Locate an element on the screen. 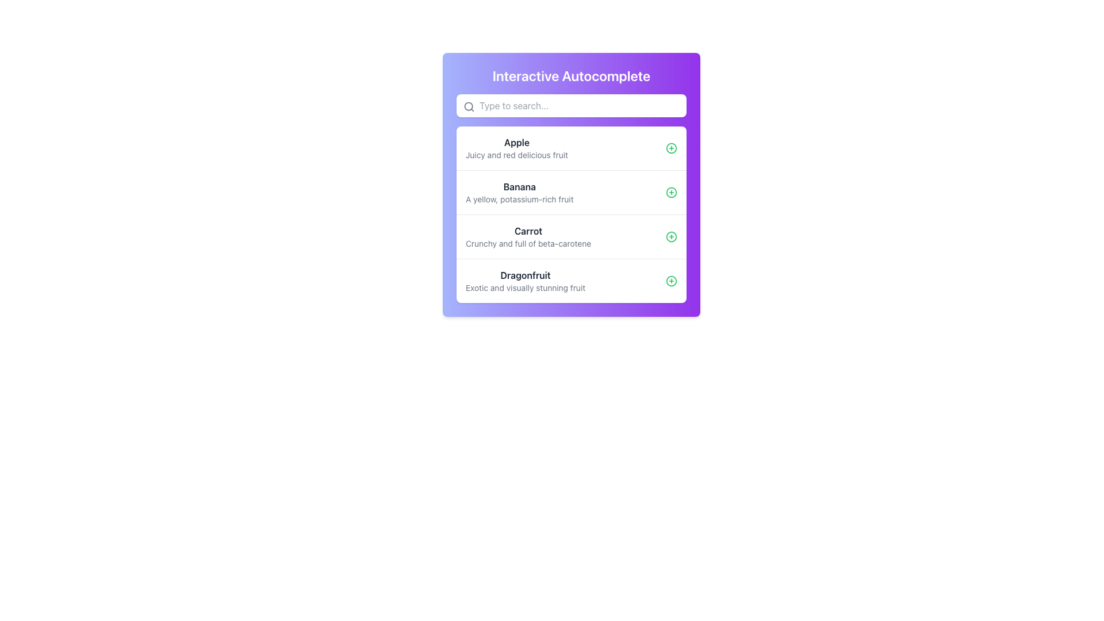  the circular icon button with a green border and a '+' symbol located at the right end of the row associated with the 'Apple' entry is located at coordinates (671, 148).